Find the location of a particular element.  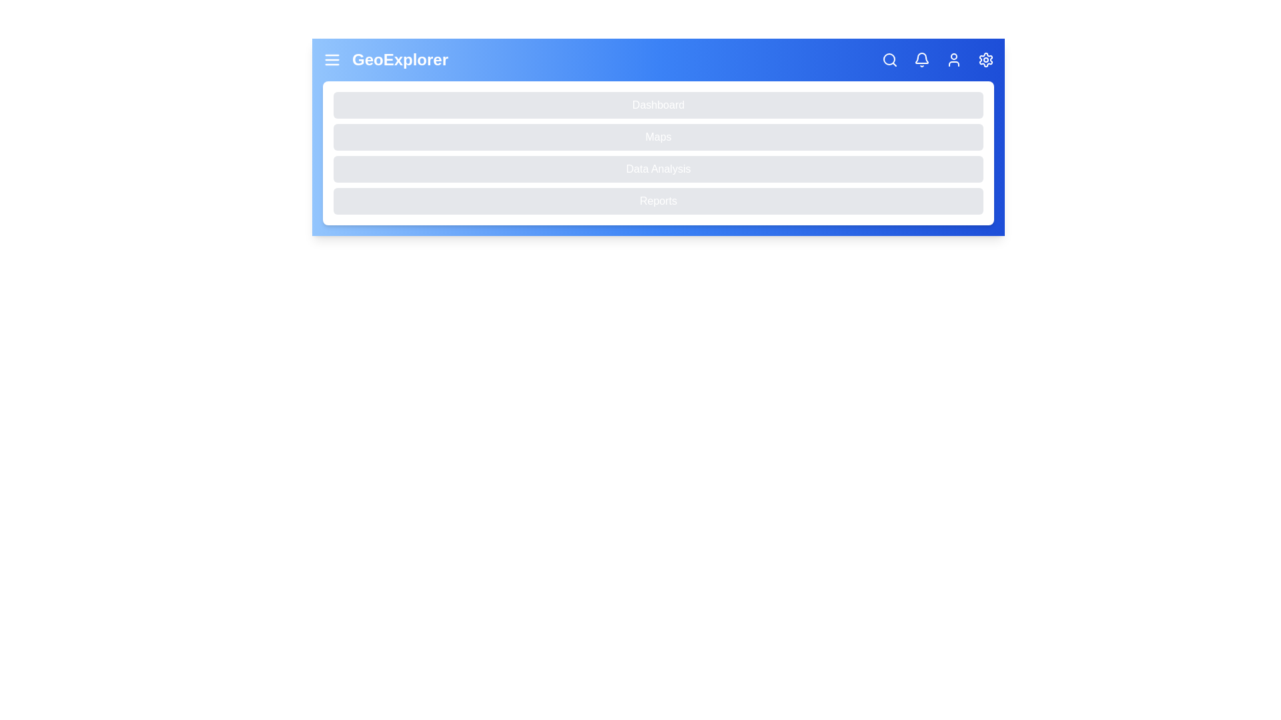

the user icon to view profile options is located at coordinates (953, 59).